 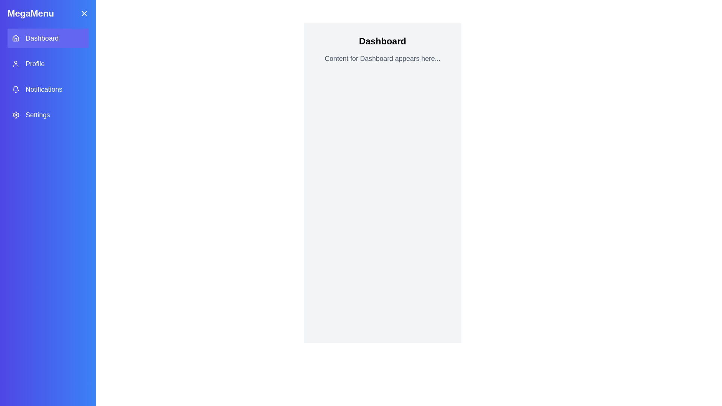 I want to click on the third item in the vertical navigation menu to go to the Notifications section, located below the 'Profile' item and above the 'Settings' item, so click(x=48, y=89).